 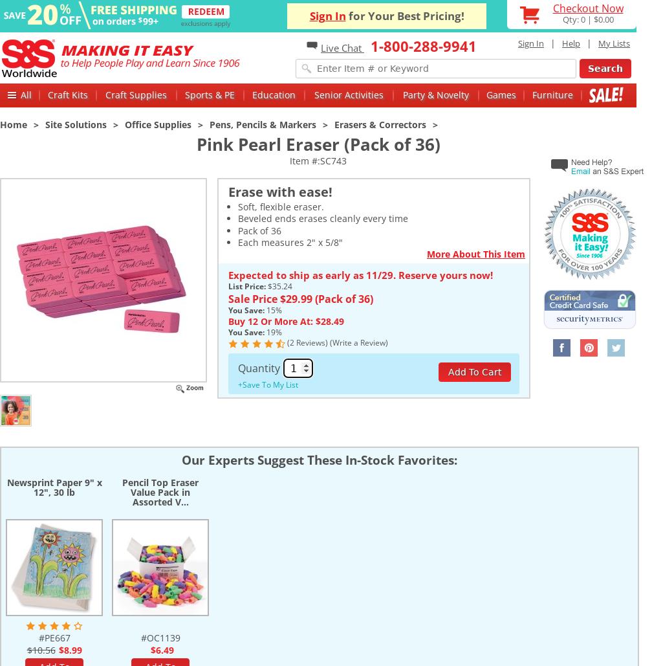 I want to click on 'Expected to ship as early as 11/29. Reserve yours now!', so click(x=360, y=274).